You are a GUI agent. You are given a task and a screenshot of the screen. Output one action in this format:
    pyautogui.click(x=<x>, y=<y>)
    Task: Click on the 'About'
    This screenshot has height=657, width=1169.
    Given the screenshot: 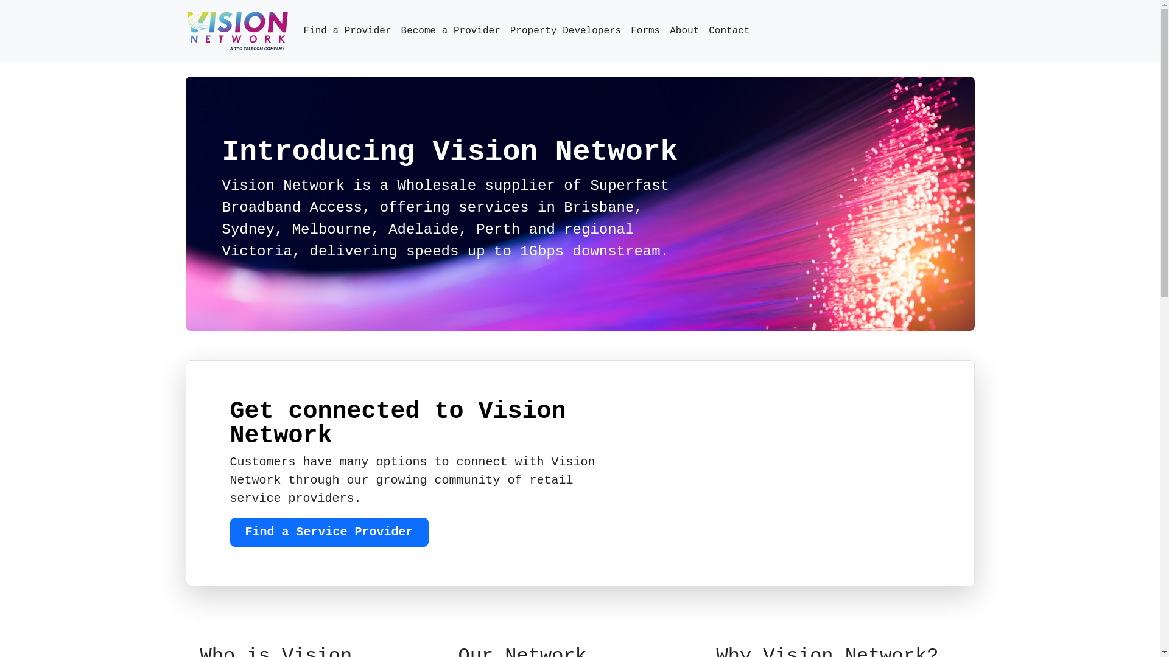 What is the action you would take?
    pyautogui.click(x=664, y=30)
    